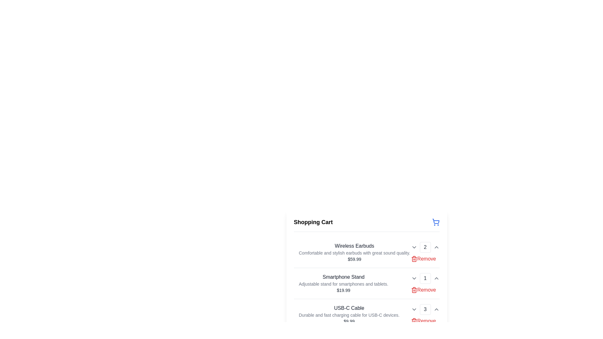 The image size is (603, 339). What do you see at coordinates (435, 222) in the screenshot?
I see `the shopping cart icon located at the top-right corner of the header section titled 'Shopping Cart' to engage with adjacent elements` at bounding box center [435, 222].